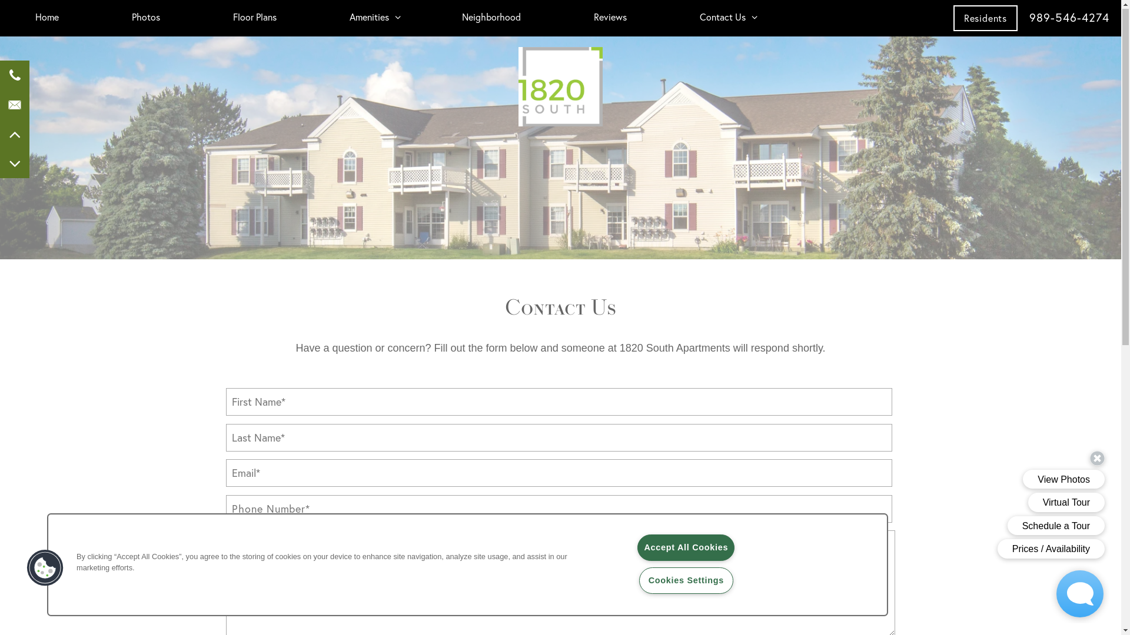 The width and height of the screenshot is (1130, 635). What do you see at coordinates (337, 18) in the screenshot?
I see `'Amenities'` at bounding box center [337, 18].